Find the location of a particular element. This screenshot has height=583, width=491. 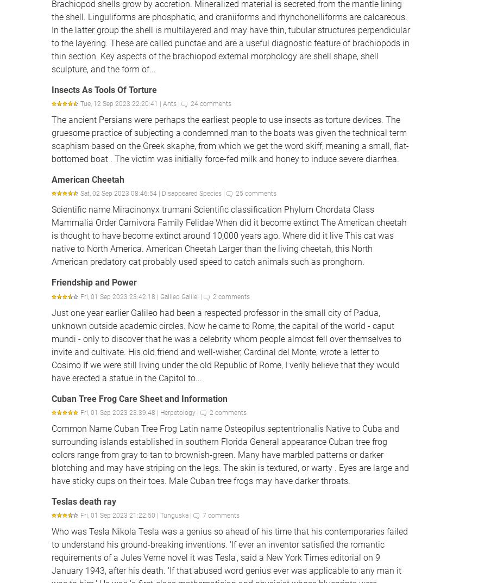

'American Cheetah' is located at coordinates (87, 179).